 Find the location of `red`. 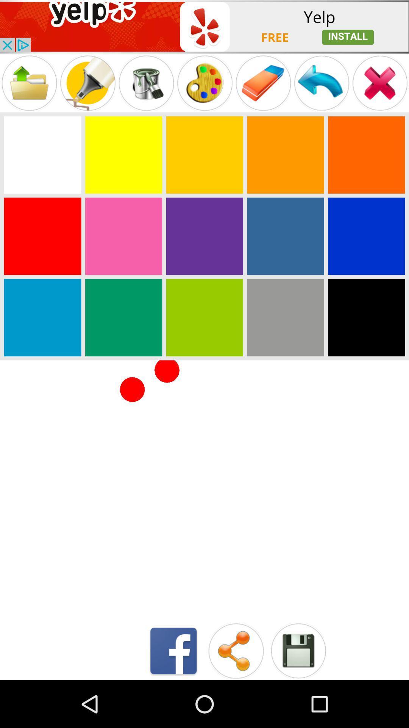

red is located at coordinates (42, 236).